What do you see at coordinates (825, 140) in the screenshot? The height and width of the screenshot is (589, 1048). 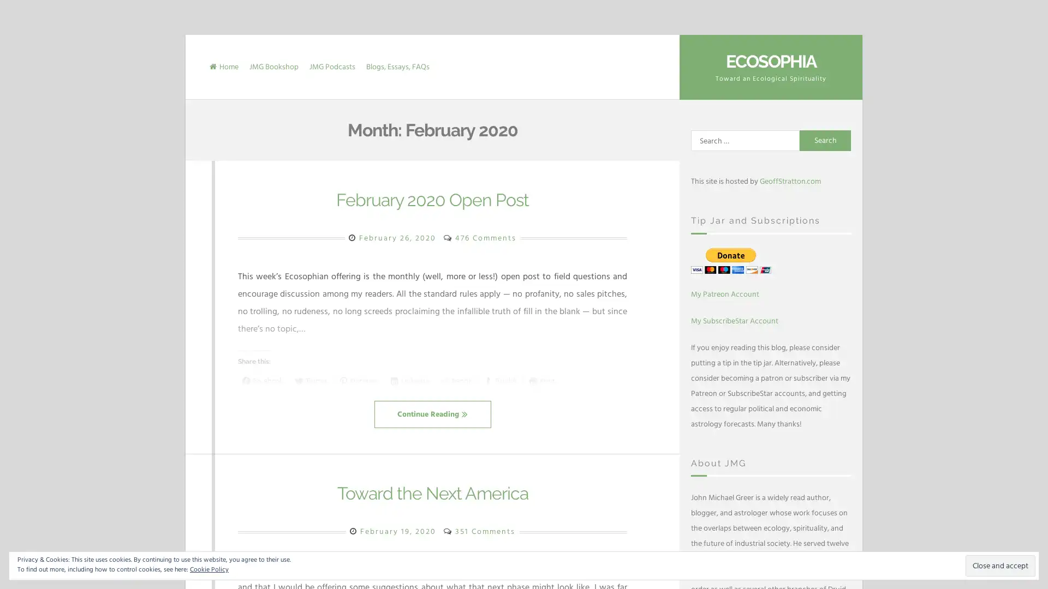 I see `Search` at bounding box center [825, 140].